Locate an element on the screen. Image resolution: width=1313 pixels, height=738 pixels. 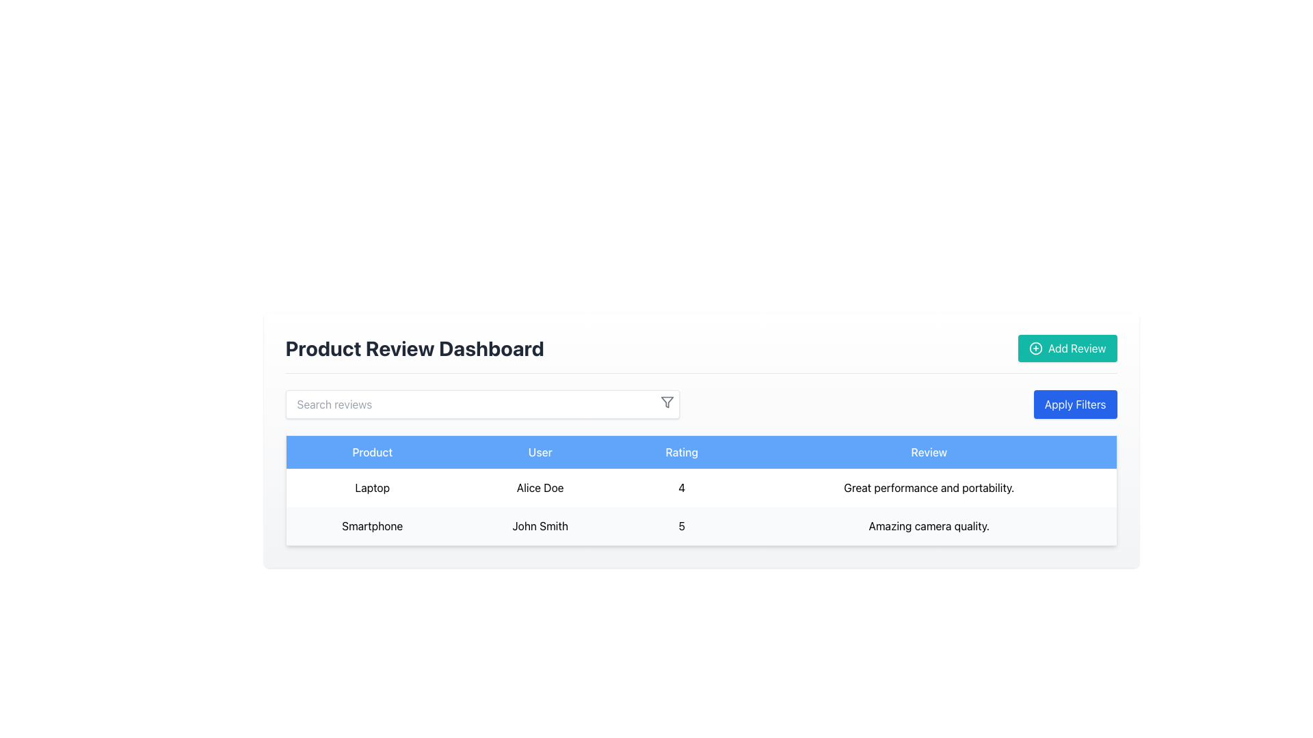
the second row of the review table is located at coordinates (701, 525).